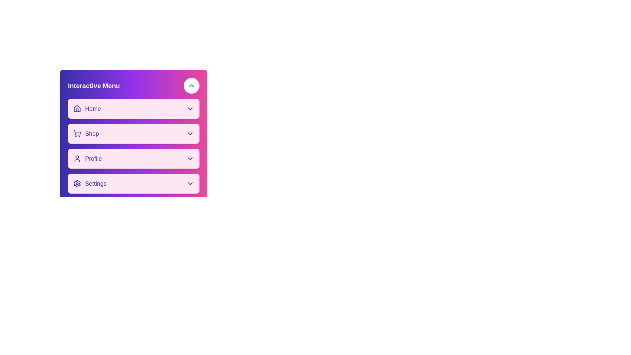 The height and width of the screenshot is (355, 631). I want to click on the circular button with a white background and indigo upward chevron icon located at the top-right corner of the 'Interactive Menu' section, so click(191, 85).